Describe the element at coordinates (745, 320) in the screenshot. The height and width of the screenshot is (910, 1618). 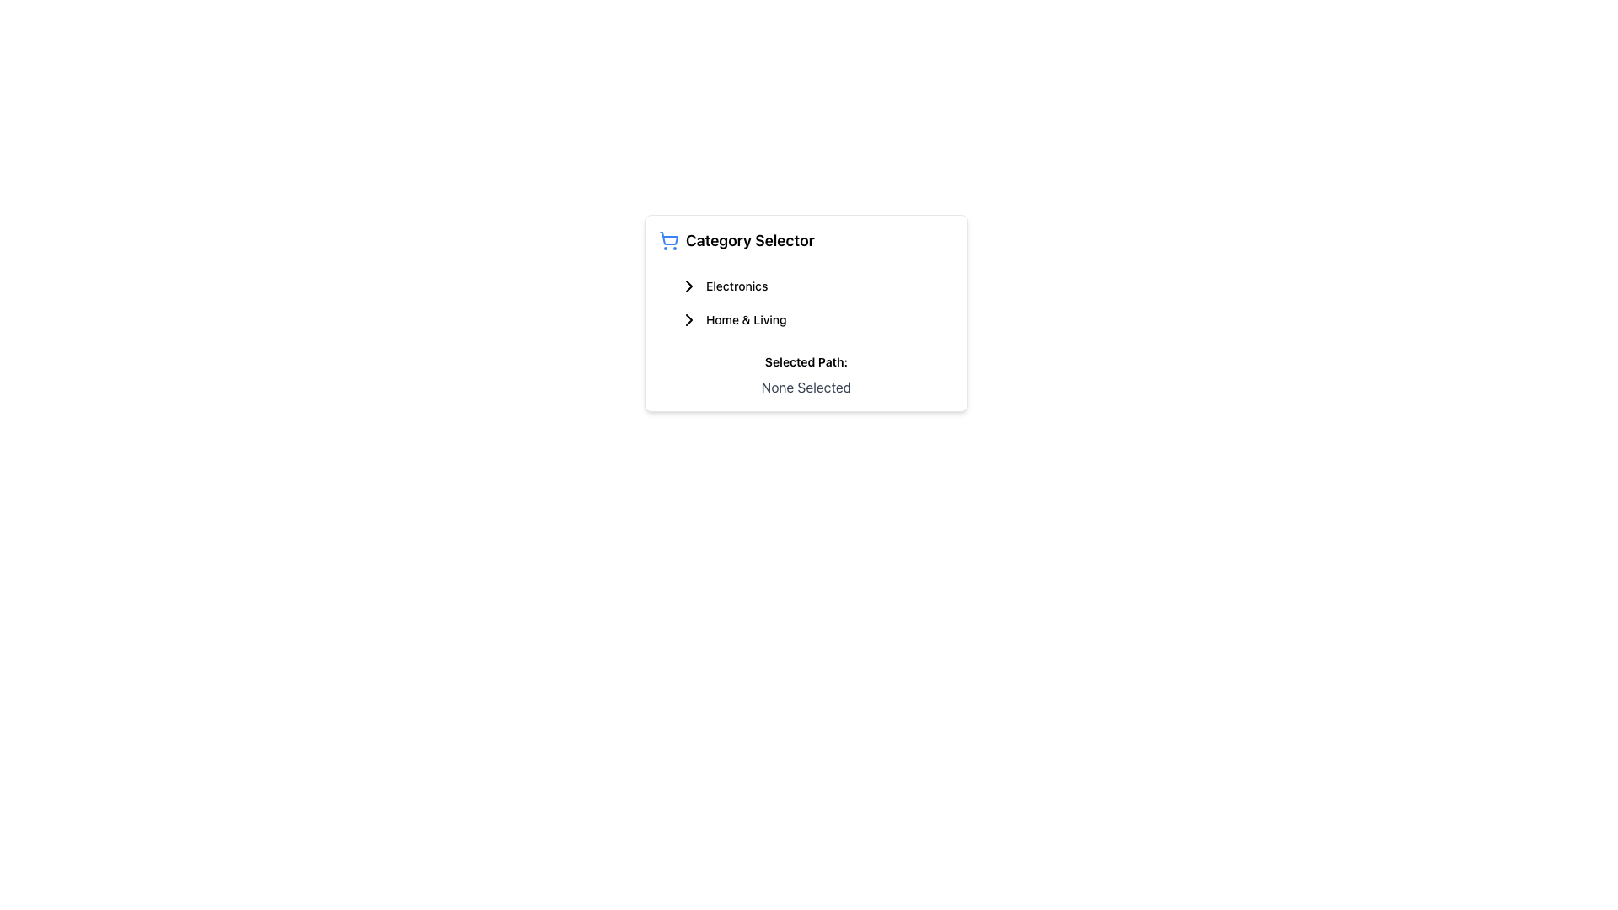
I see `text of the 'Home & Living' label, which is a subcategory under the 'Category Selector' in the side panel` at that location.